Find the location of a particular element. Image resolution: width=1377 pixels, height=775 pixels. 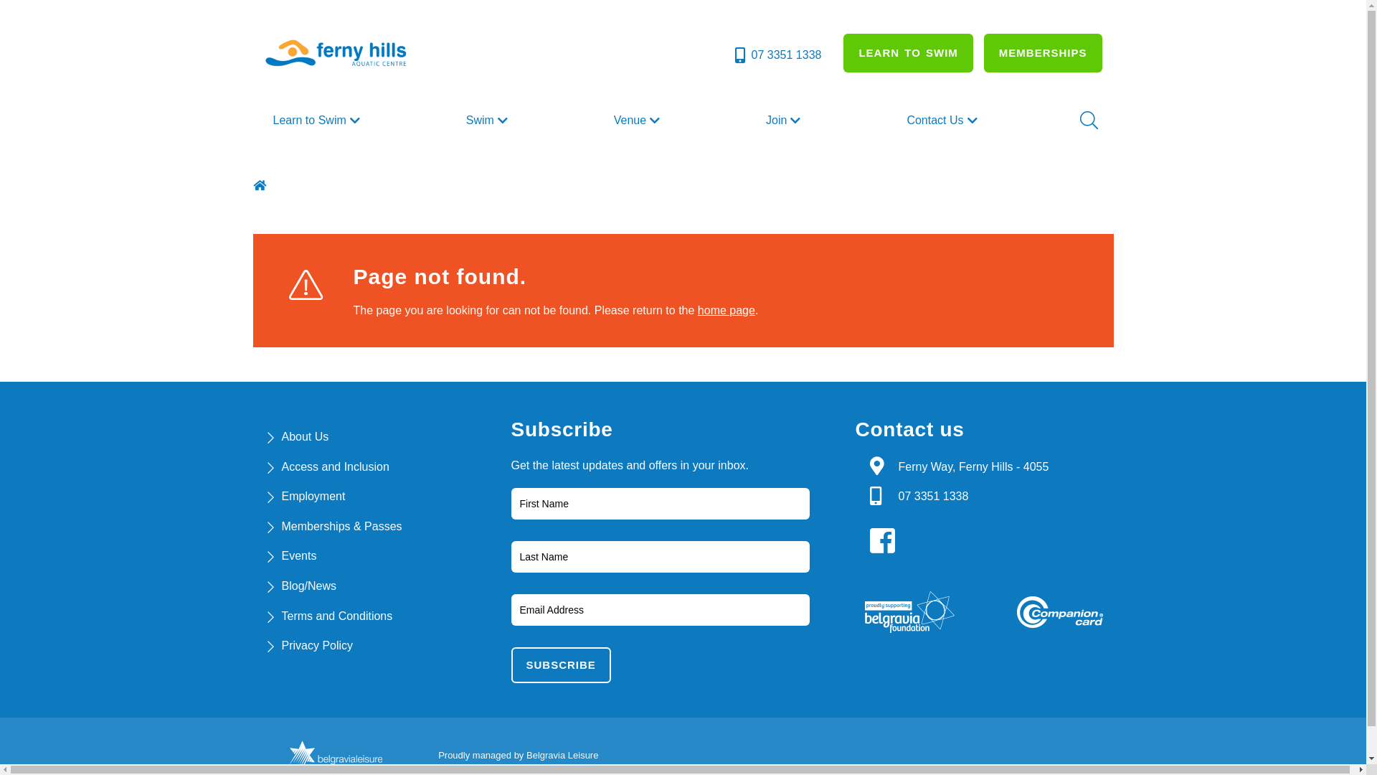

'home page' is located at coordinates (726, 309).